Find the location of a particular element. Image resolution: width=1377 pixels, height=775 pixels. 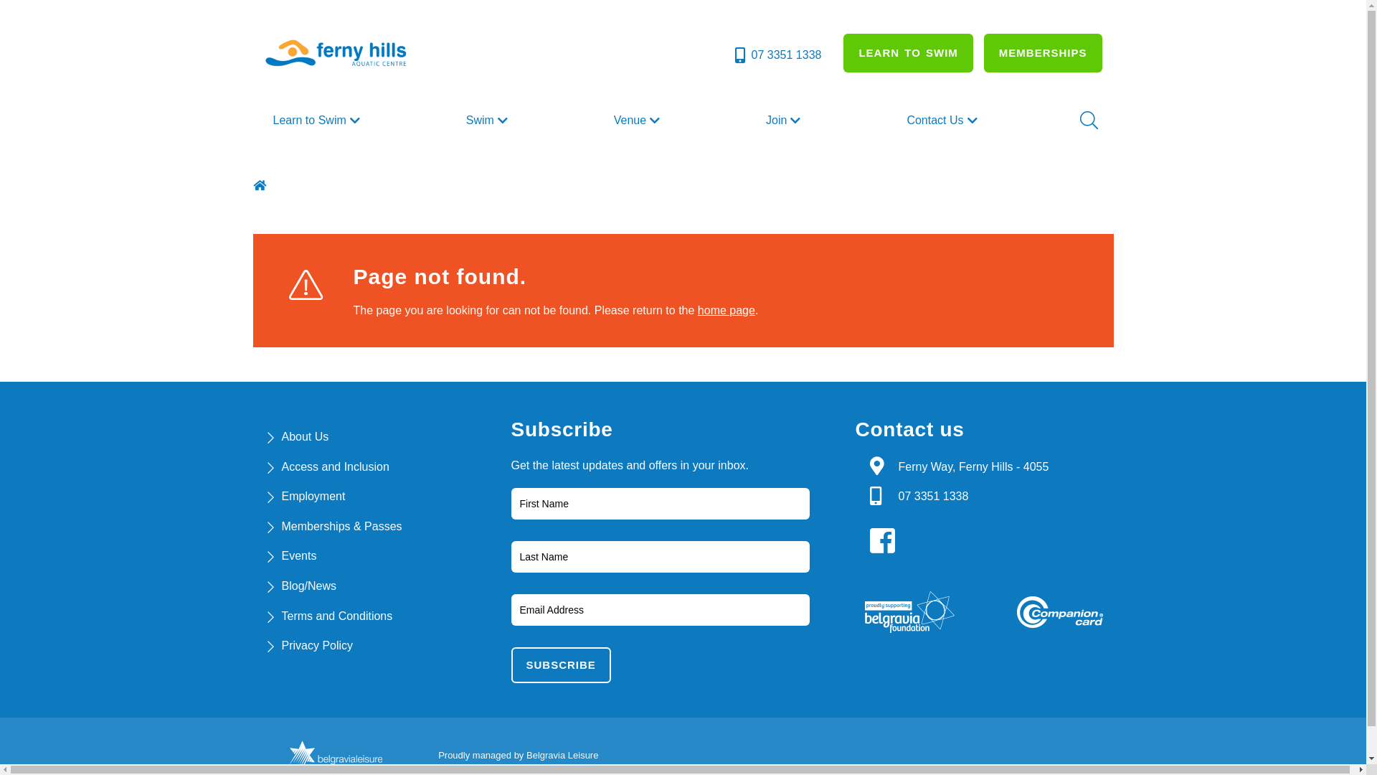

'home page' is located at coordinates (726, 309).